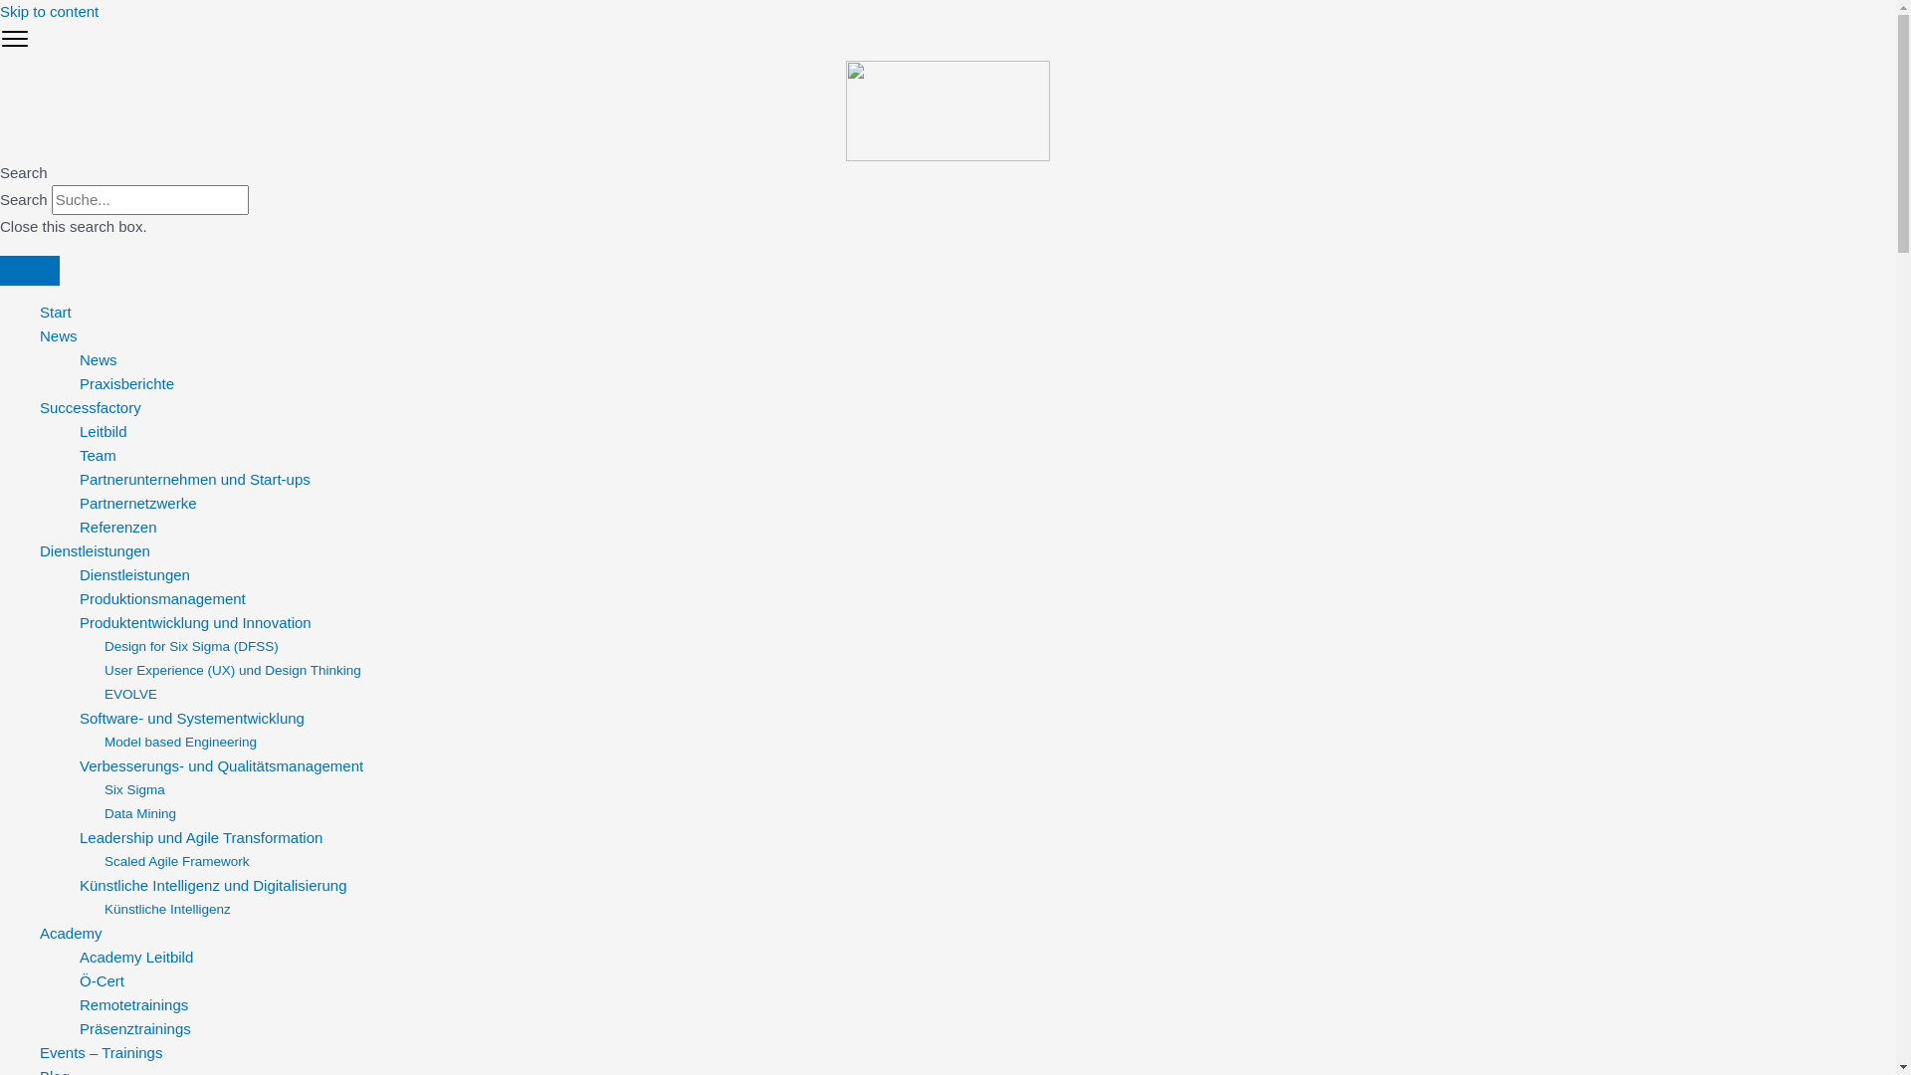  Describe the element at coordinates (191, 718) in the screenshot. I see `'Software- und Systementwicklung'` at that location.